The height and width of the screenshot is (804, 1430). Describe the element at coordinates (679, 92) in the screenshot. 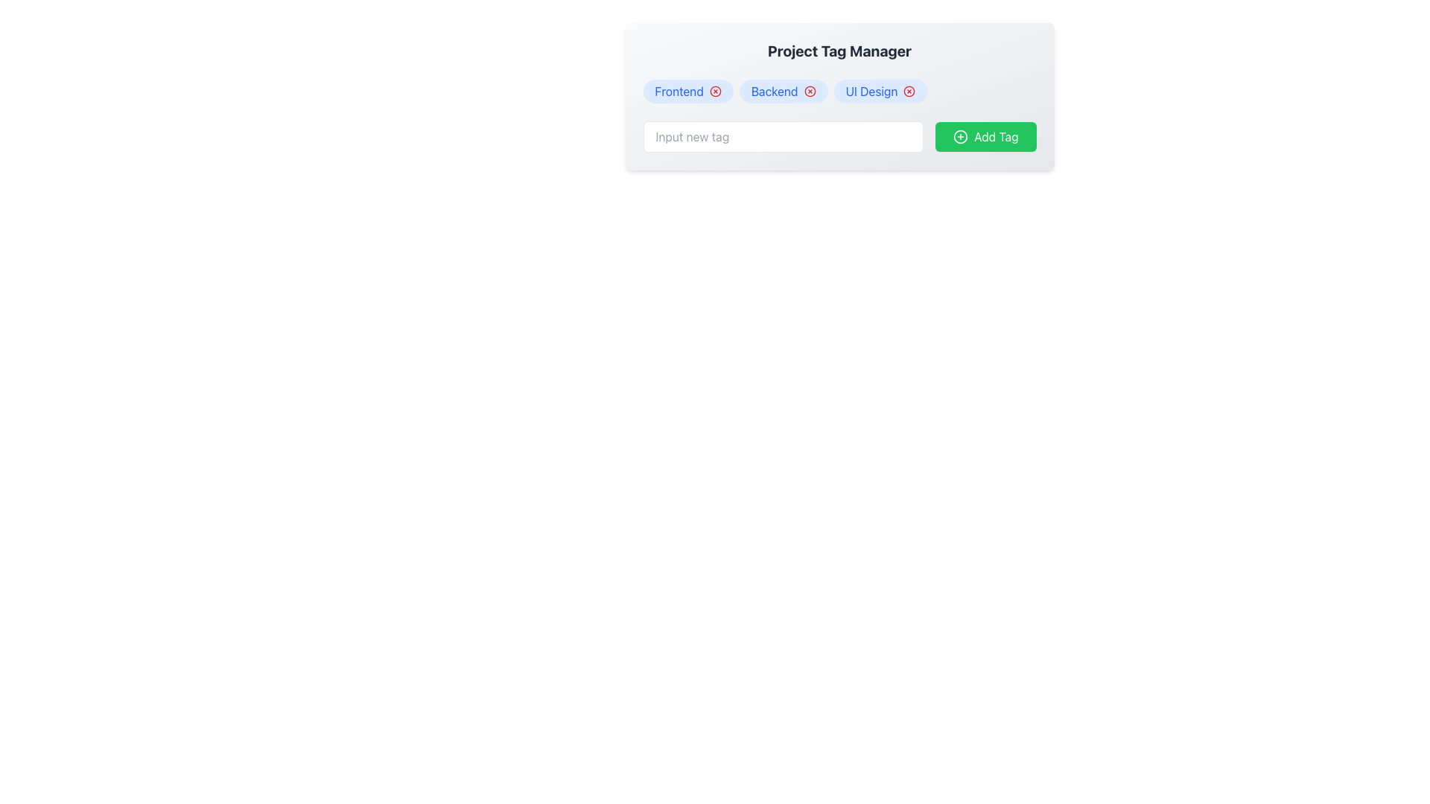

I see `the 'Frontend' tag text label, which is the first tag under the 'Project Tag Manager' heading` at that location.